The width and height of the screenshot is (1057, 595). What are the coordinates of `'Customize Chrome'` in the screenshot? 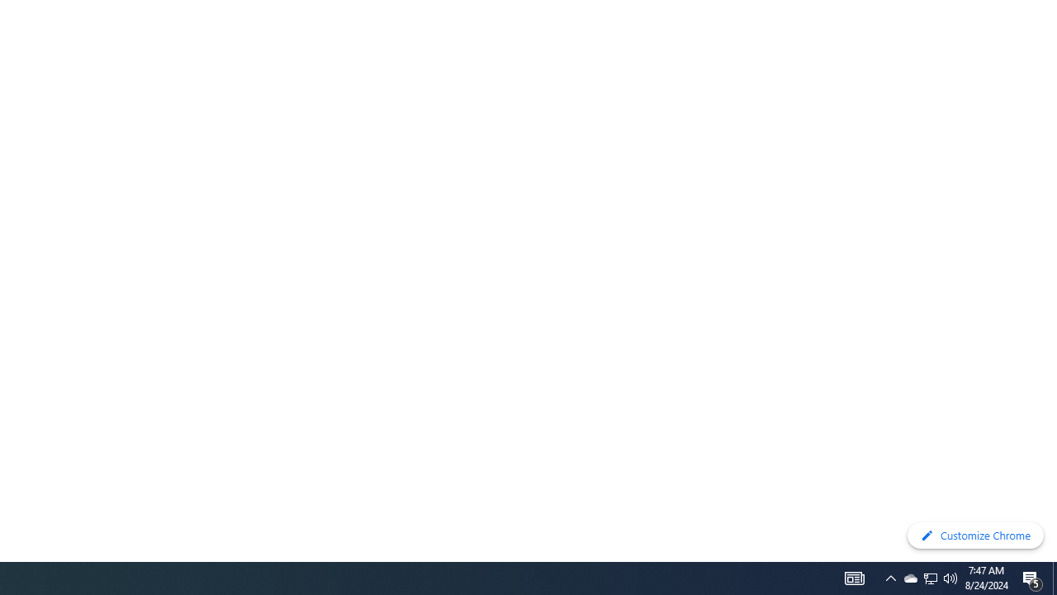 It's located at (975, 535).